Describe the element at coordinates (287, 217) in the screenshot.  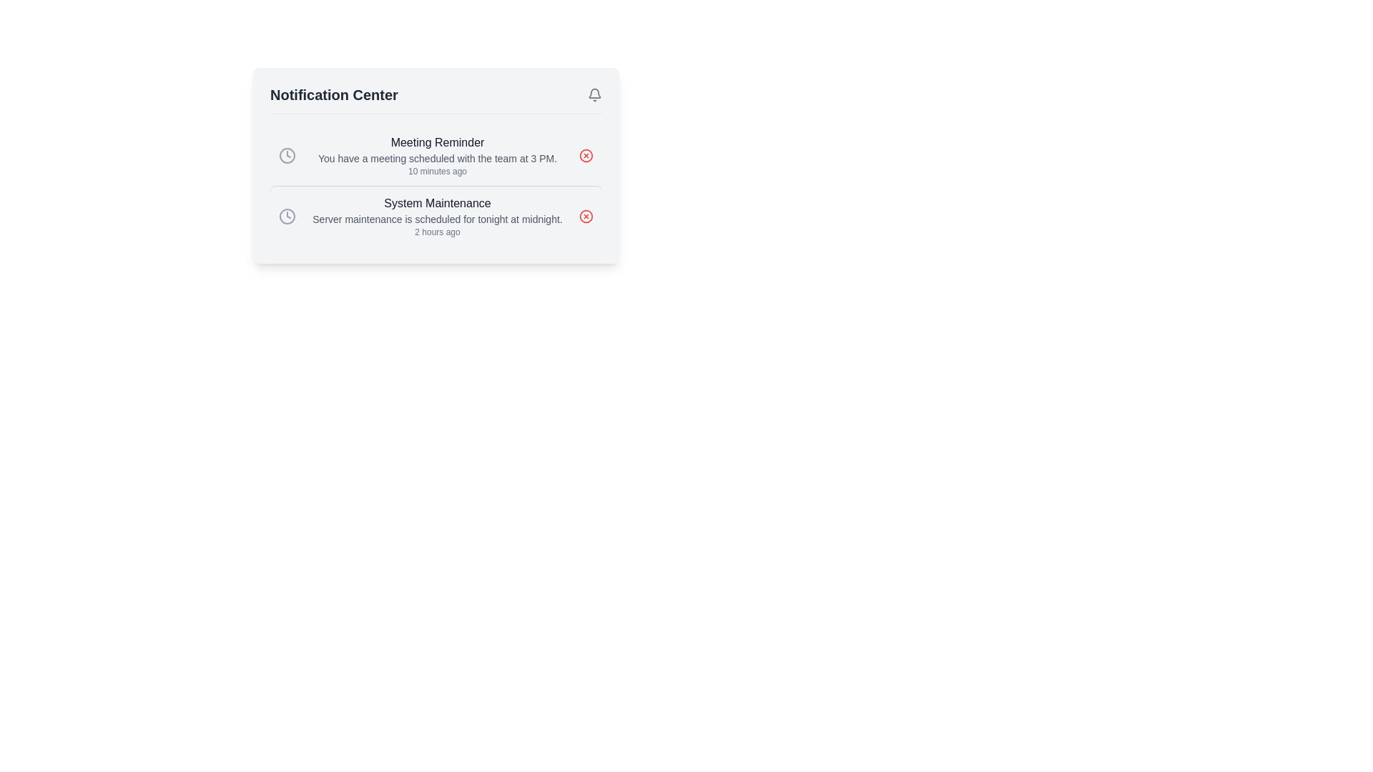
I see `the circular gray clock icon located in the notification list under the 'System Maintenance' section, positioned to the left of the text 'Server maintenance is scheduled for tonight at midnight.'` at that location.